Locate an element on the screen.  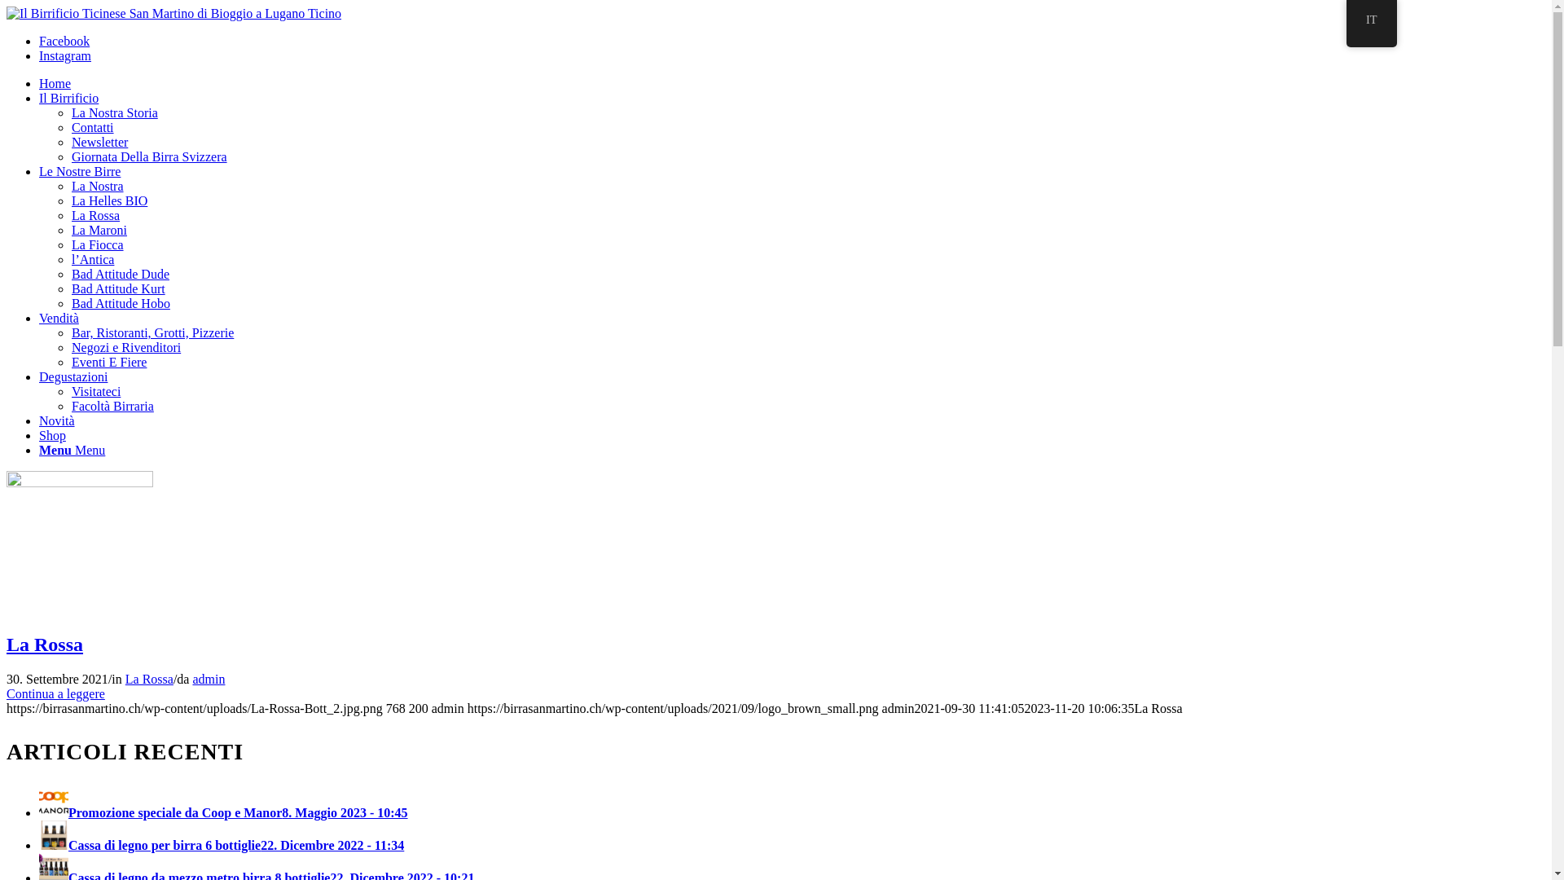
'La Nostra Storia' is located at coordinates (70, 112).